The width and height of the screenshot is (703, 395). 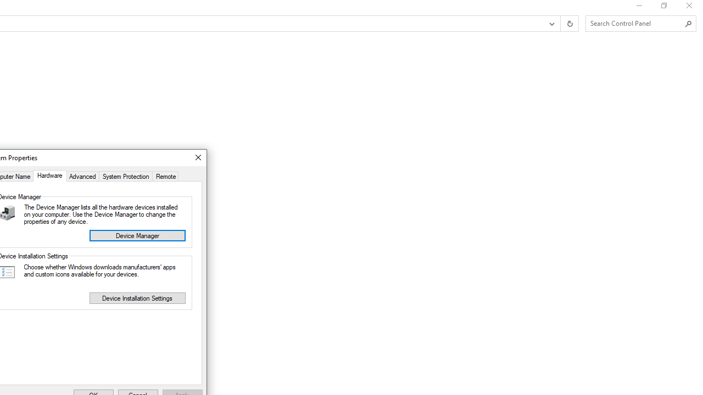 I want to click on 'Hardware', so click(x=49, y=175).